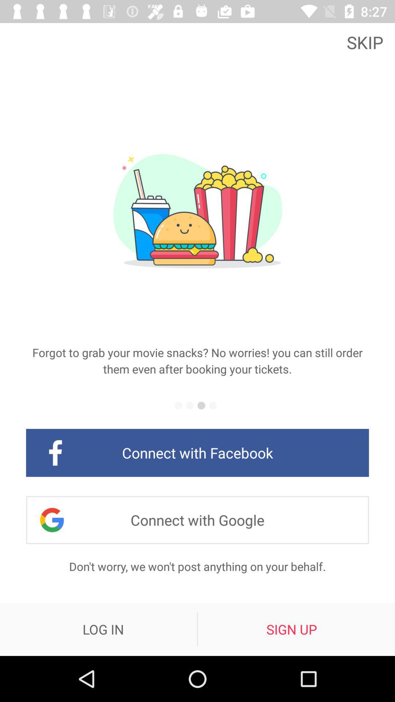 The image size is (395, 702). I want to click on the skip at the top right corner, so click(367, 42).